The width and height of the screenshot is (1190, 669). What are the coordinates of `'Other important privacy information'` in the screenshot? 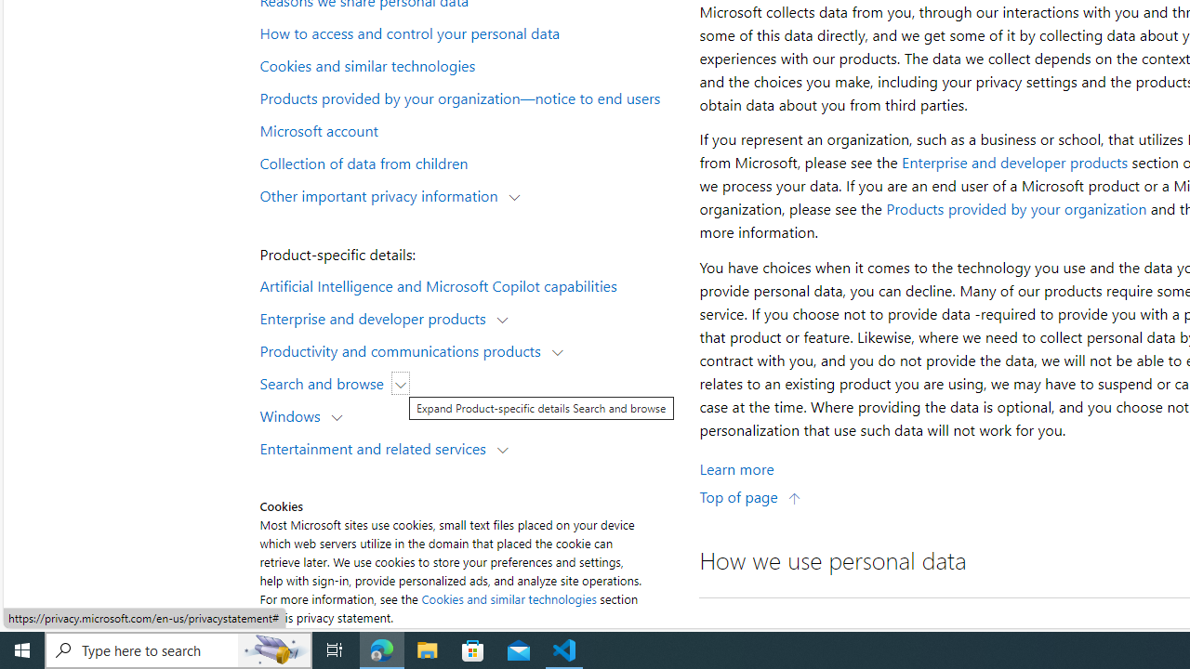 It's located at (382, 194).